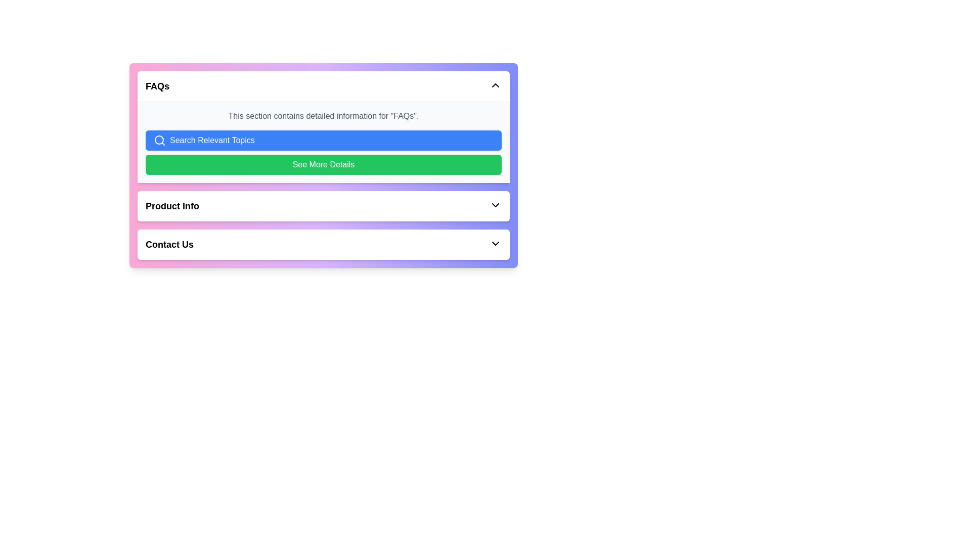 Image resolution: width=971 pixels, height=546 pixels. What do you see at coordinates (159, 140) in the screenshot?
I see `the search icon located at the top-left corner of the blue button labeled 'Search Relevant Topics'` at bounding box center [159, 140].